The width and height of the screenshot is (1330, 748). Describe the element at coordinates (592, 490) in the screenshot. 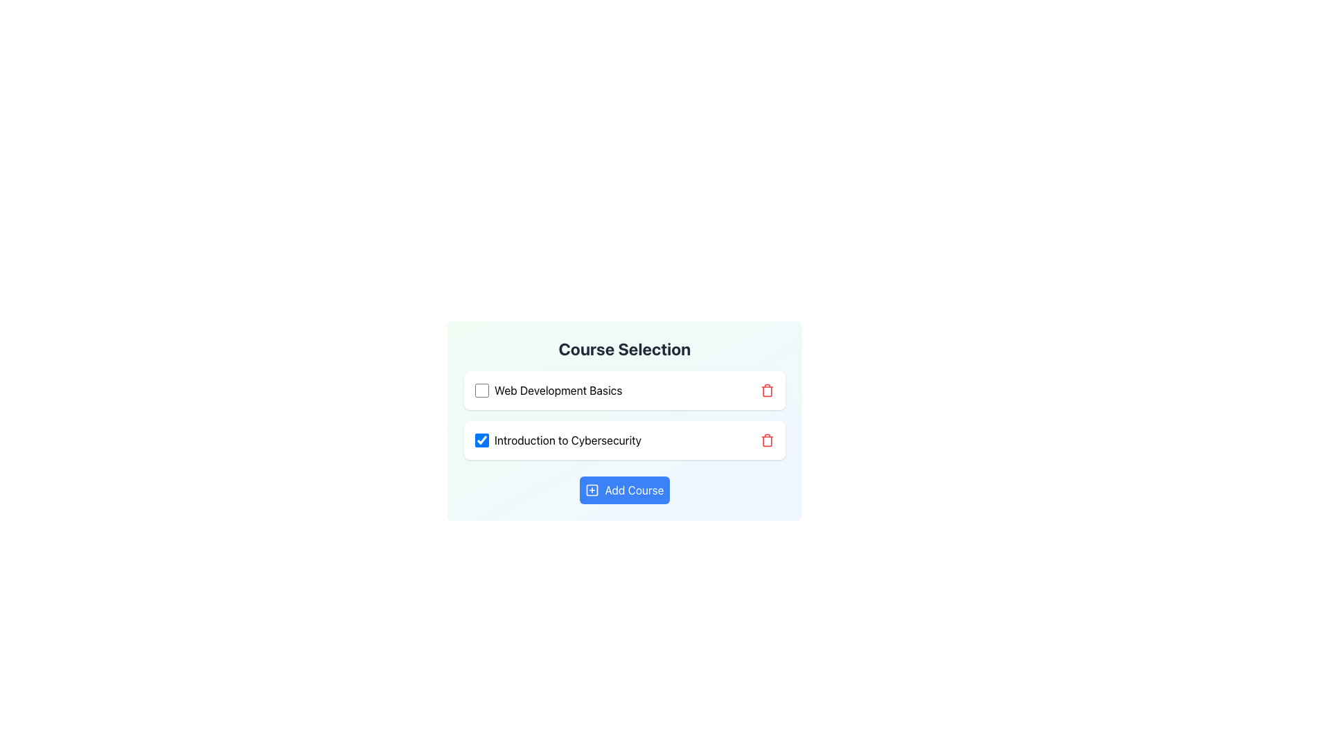

I see `the small square icon with a plus sign located within the 'Add Course' blue button at the bottom of the 'Course Selection' interface` at that location.